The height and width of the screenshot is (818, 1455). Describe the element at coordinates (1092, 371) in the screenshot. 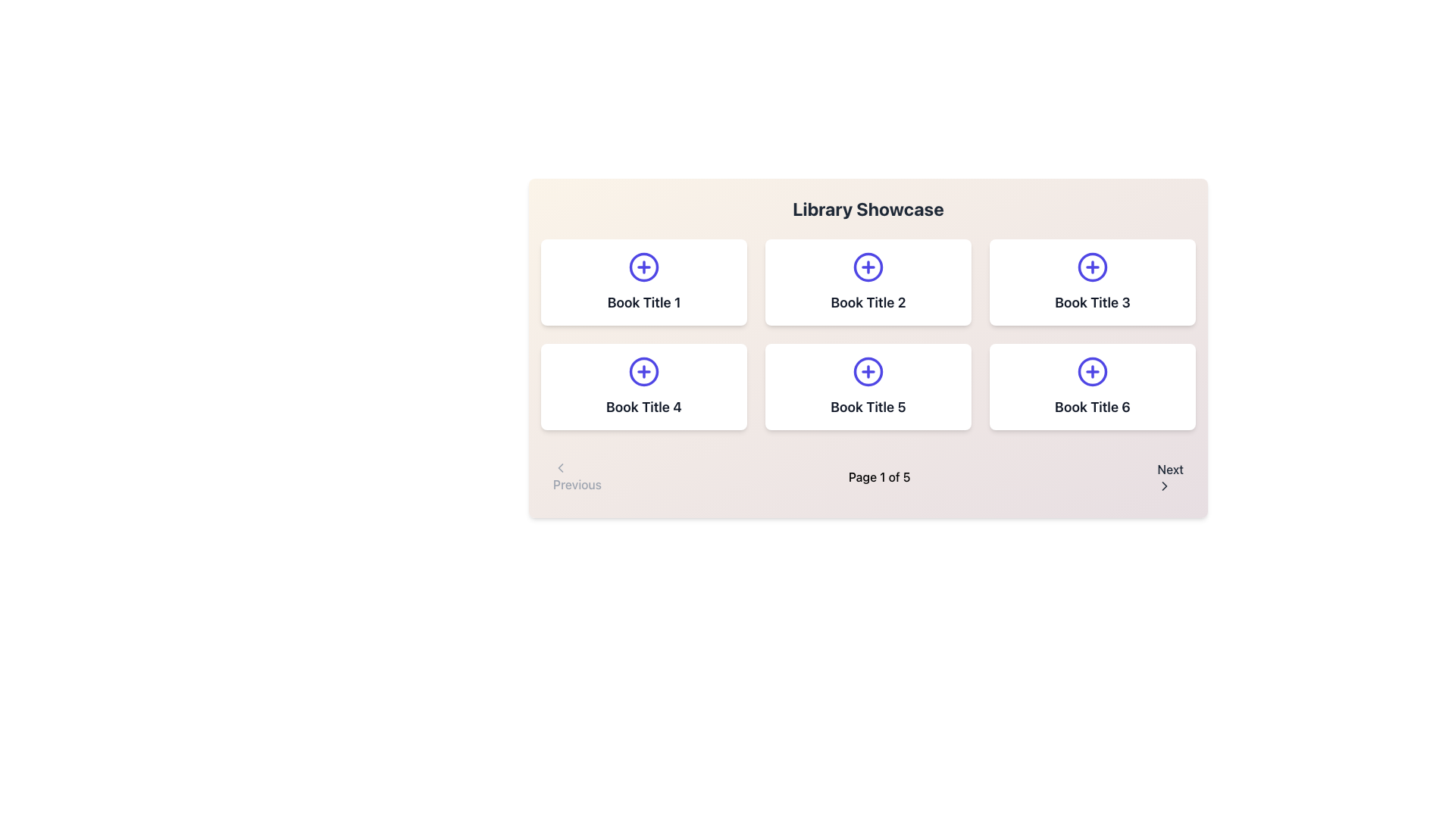

I see `the Icon Button located at the bottom-right corner of the last card labeled 'Book Title 6'` at that location.